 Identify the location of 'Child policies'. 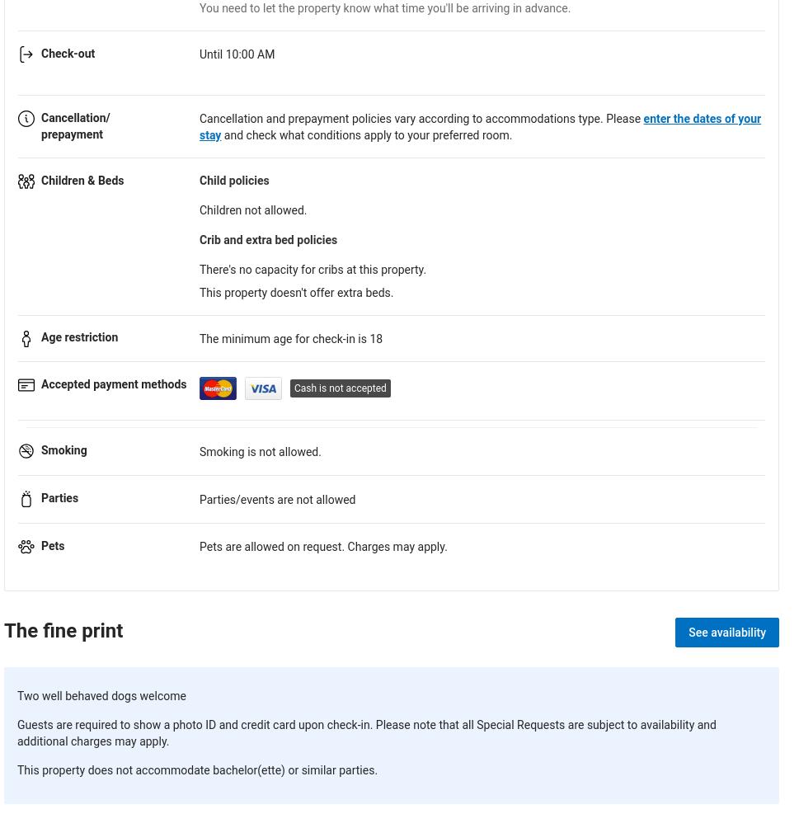
(234, 178).